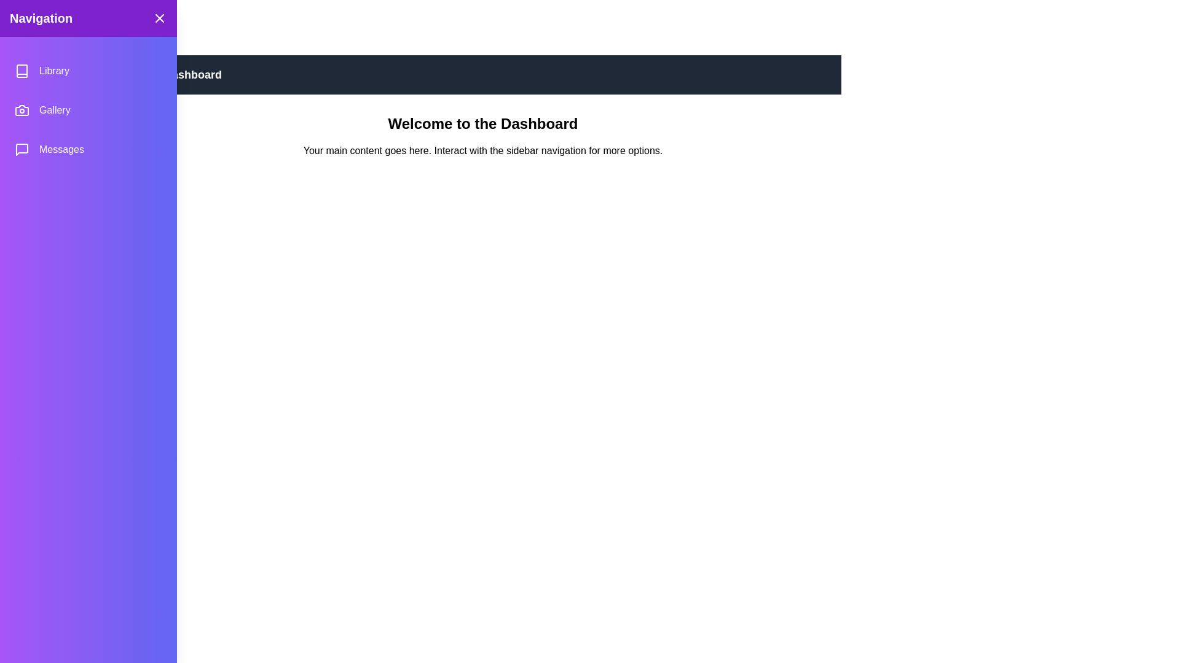  Describe the element at coordinates (159, 18) in the screenshot. I see `the Close Icon (SVG) located in the top-right corner of the left sidebar's header area labeled 'Navigation' to possibly reveal a tooltip` at that location.